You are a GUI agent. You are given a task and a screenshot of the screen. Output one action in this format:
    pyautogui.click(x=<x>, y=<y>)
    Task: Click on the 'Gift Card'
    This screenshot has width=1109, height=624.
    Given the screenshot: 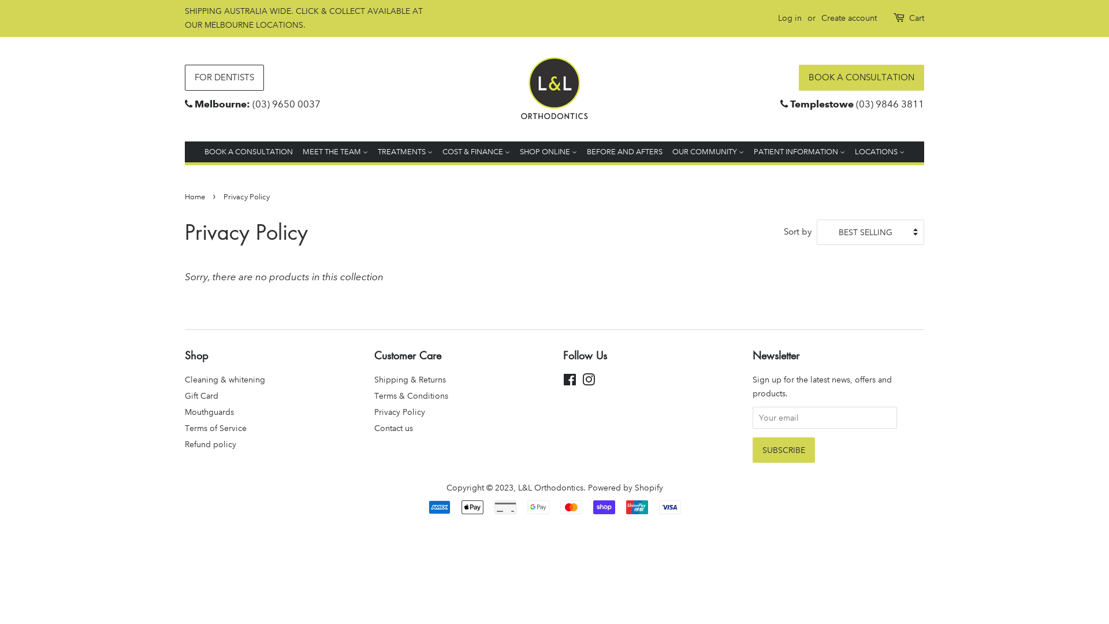 What is the action you would take?
    pyautogui.click(x=202, y=395)
    